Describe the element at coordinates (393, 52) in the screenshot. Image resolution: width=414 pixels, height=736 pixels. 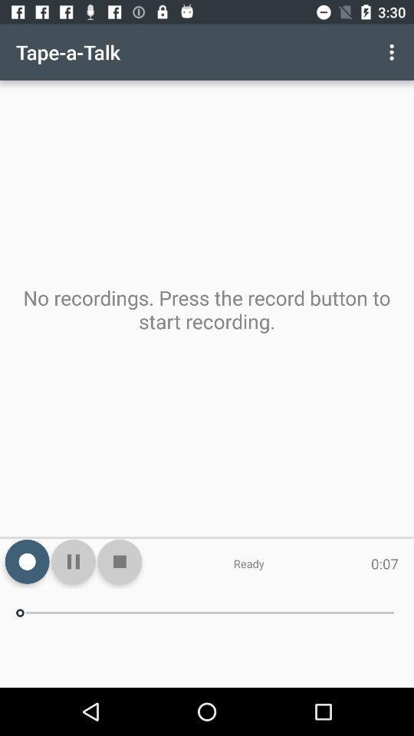
I see `the icon above the no recordings press icon` at that location.